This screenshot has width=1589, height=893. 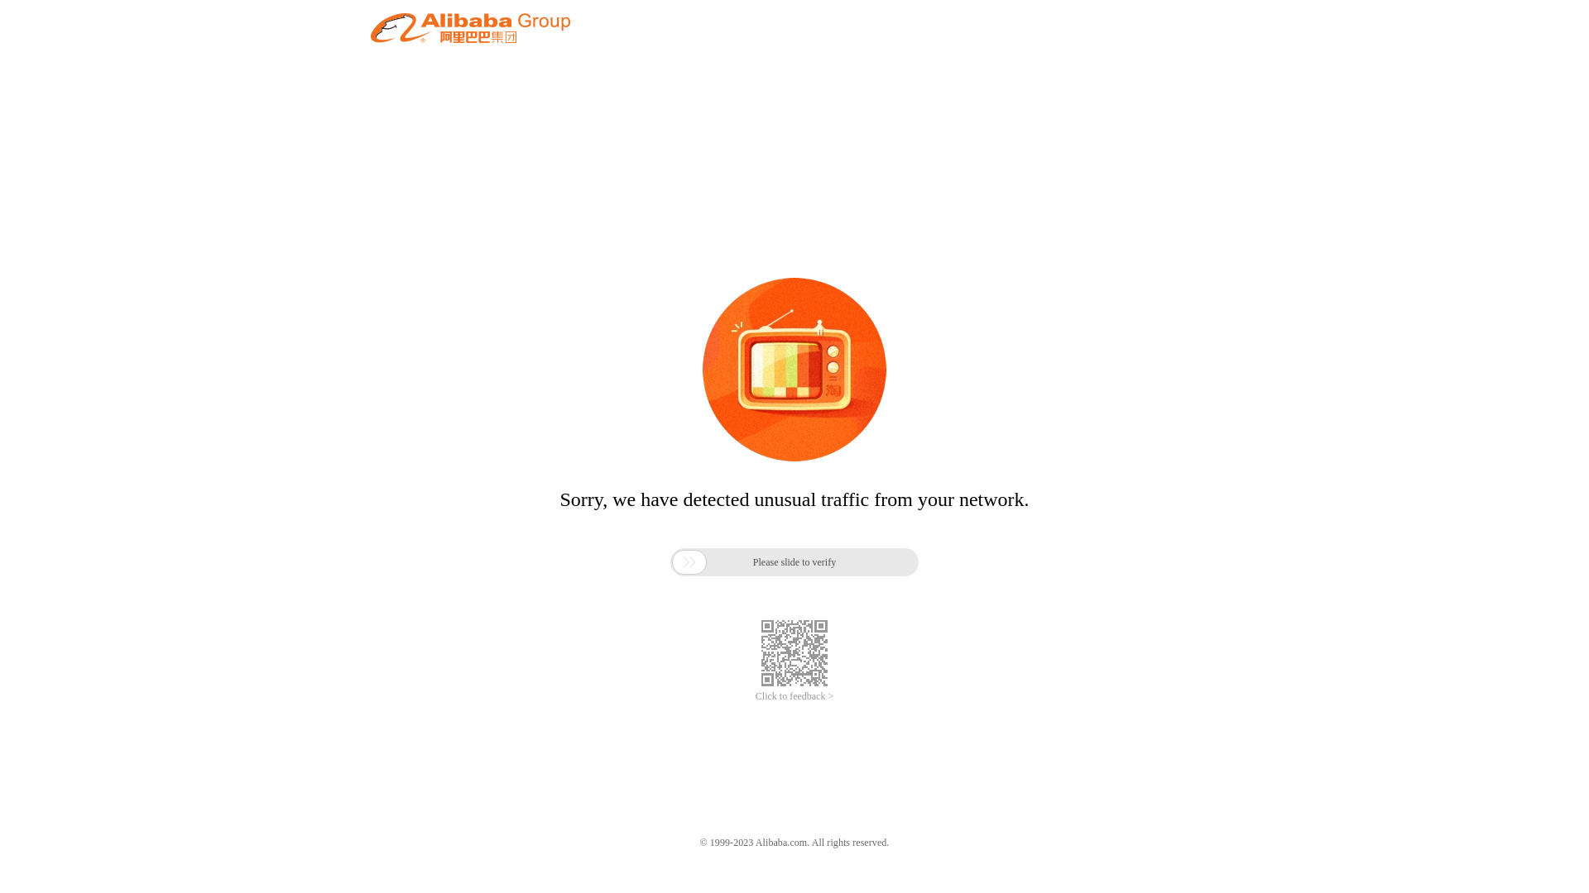 I want to click on 'Click to feedback >', so click(x=754, y=696).